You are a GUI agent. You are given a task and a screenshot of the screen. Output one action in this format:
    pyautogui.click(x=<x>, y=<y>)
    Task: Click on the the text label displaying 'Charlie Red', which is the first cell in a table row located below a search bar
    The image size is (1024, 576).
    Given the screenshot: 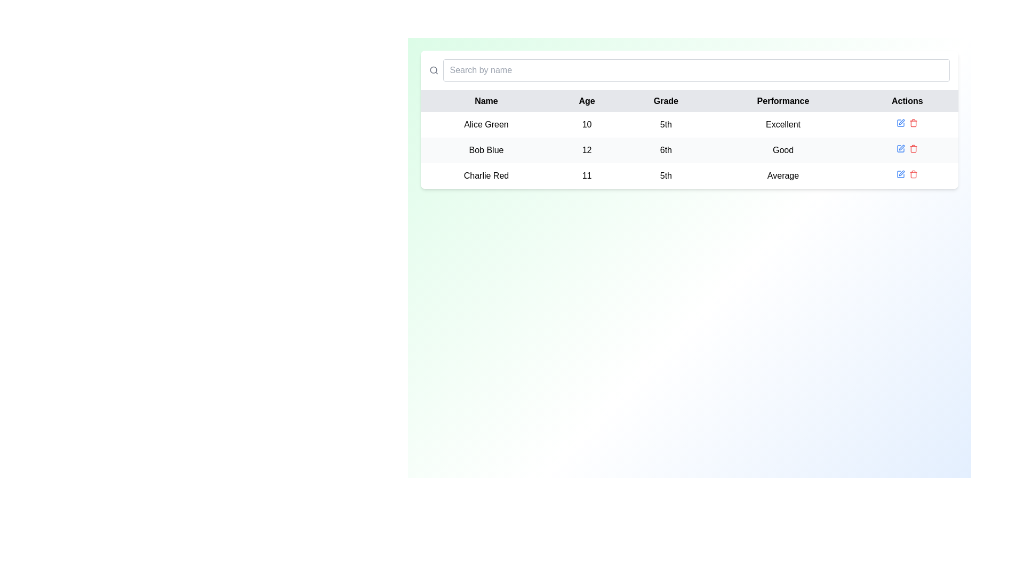 What is the action you would take?
    pyautogui.click(x=486, y=175)
    